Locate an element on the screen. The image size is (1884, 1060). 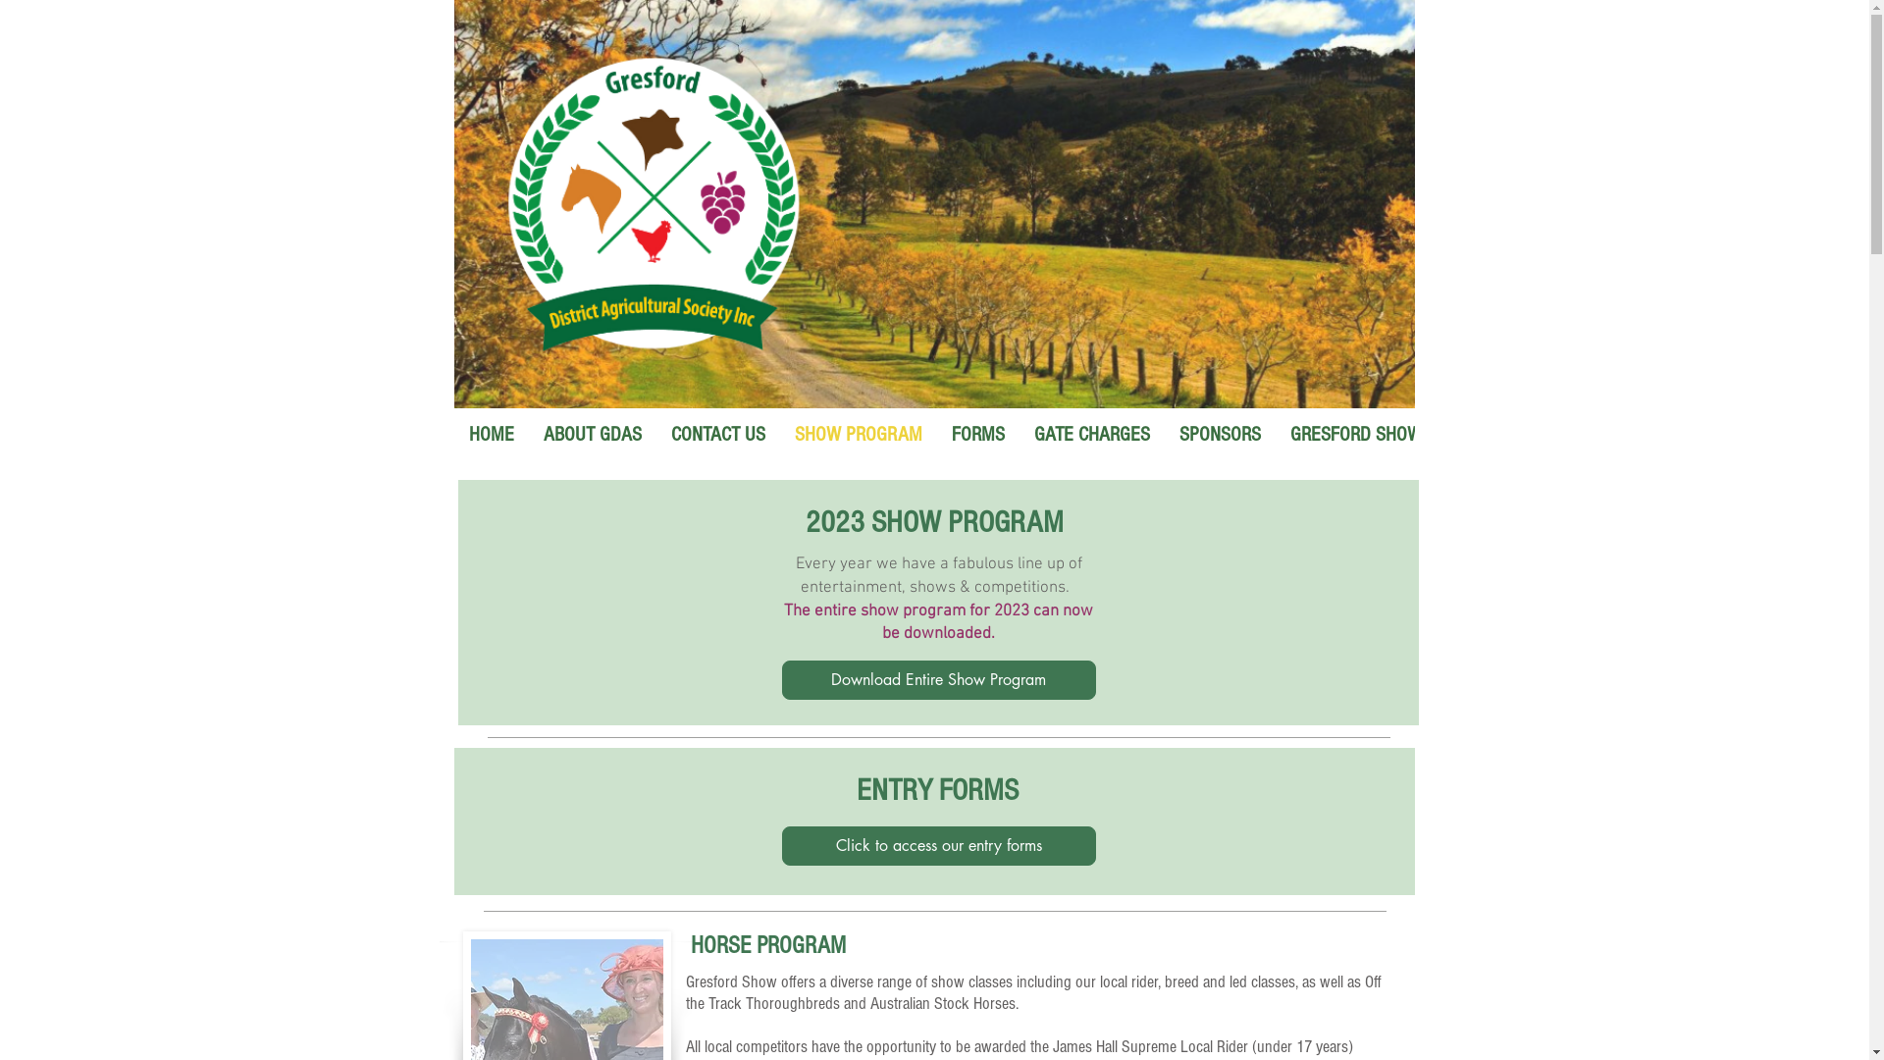
'GATE CHARGES' is located at coordinates (1090, 443).